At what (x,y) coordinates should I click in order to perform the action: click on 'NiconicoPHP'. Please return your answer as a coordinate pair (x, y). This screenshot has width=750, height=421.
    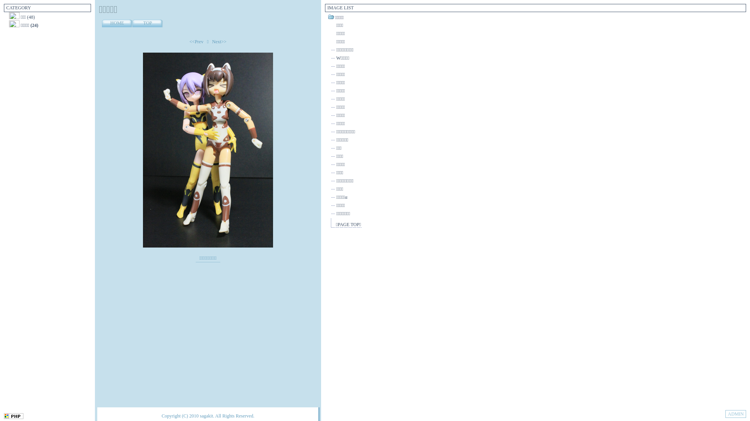
    Looking at the image, I should click on (4, 417).